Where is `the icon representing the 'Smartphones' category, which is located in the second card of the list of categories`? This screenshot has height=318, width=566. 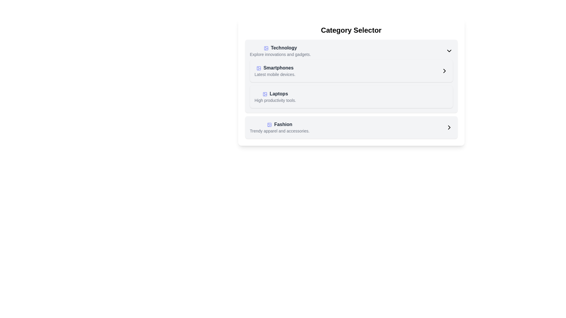
the icon representing the 'Smartphones' category, which is located in the second card of the list of categories is located at coordinates (259, 68).